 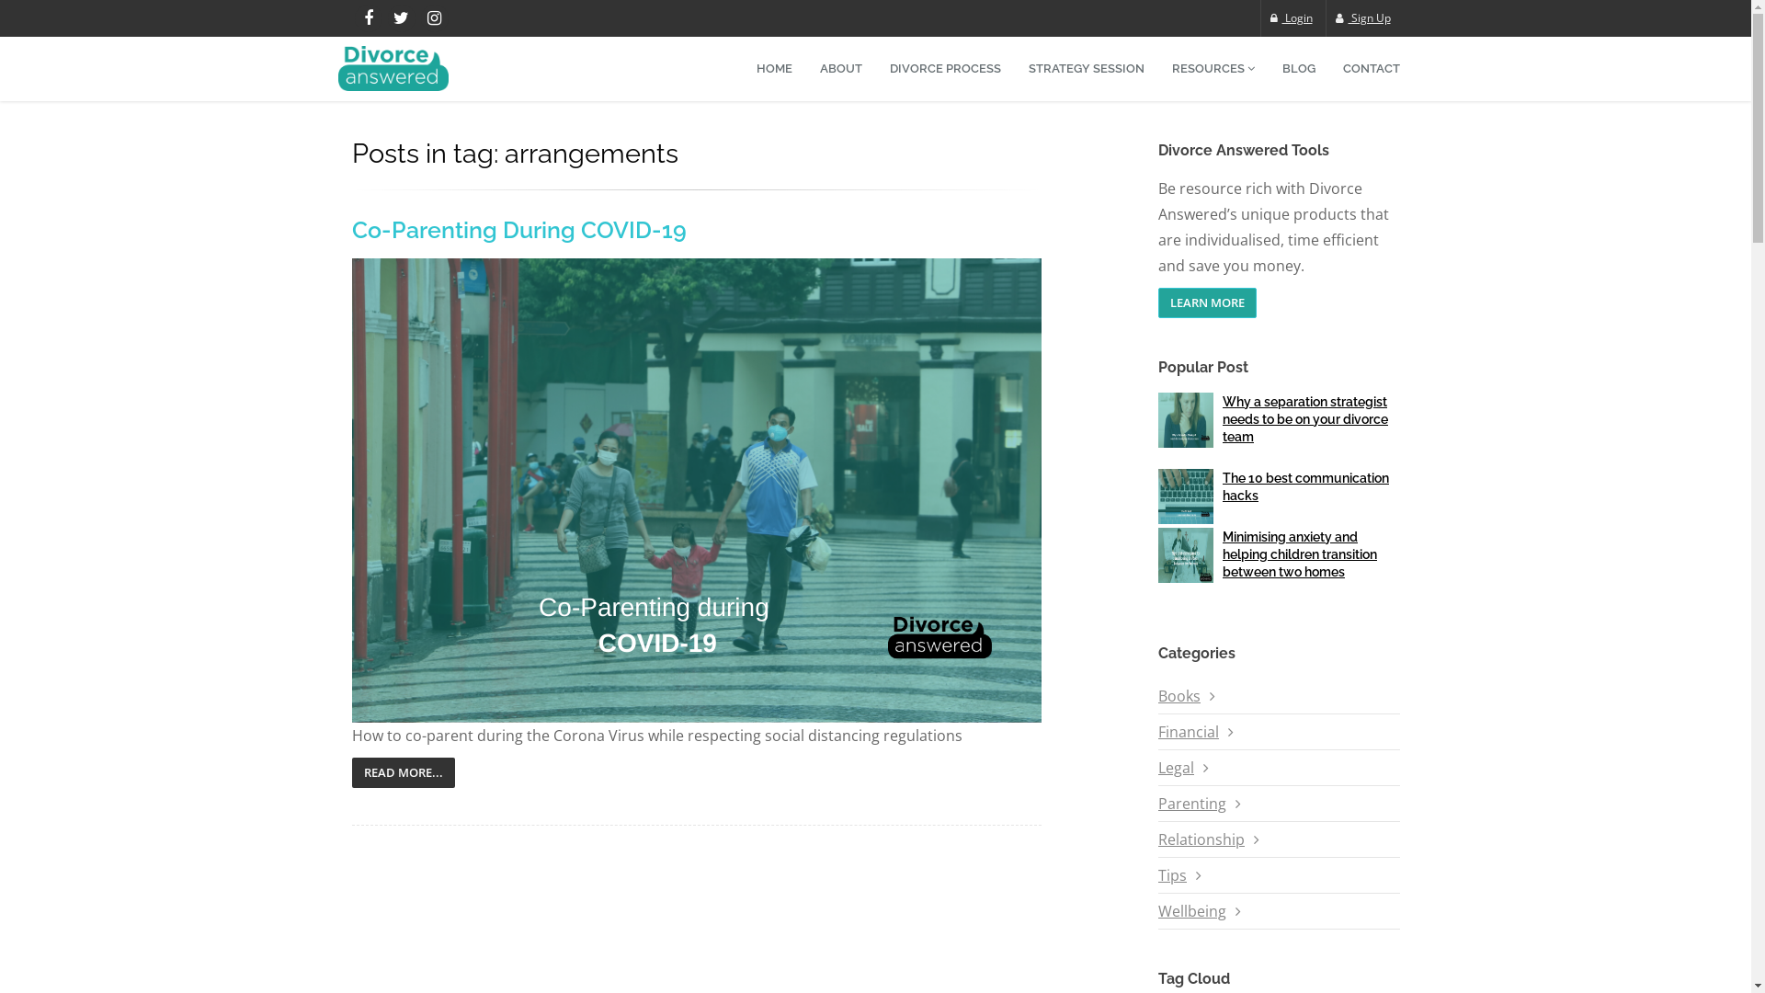 What do you see at coordinates (1201, 839) in the screenshot?
I see `'Relationship'` at bounding box center [1201, 839].